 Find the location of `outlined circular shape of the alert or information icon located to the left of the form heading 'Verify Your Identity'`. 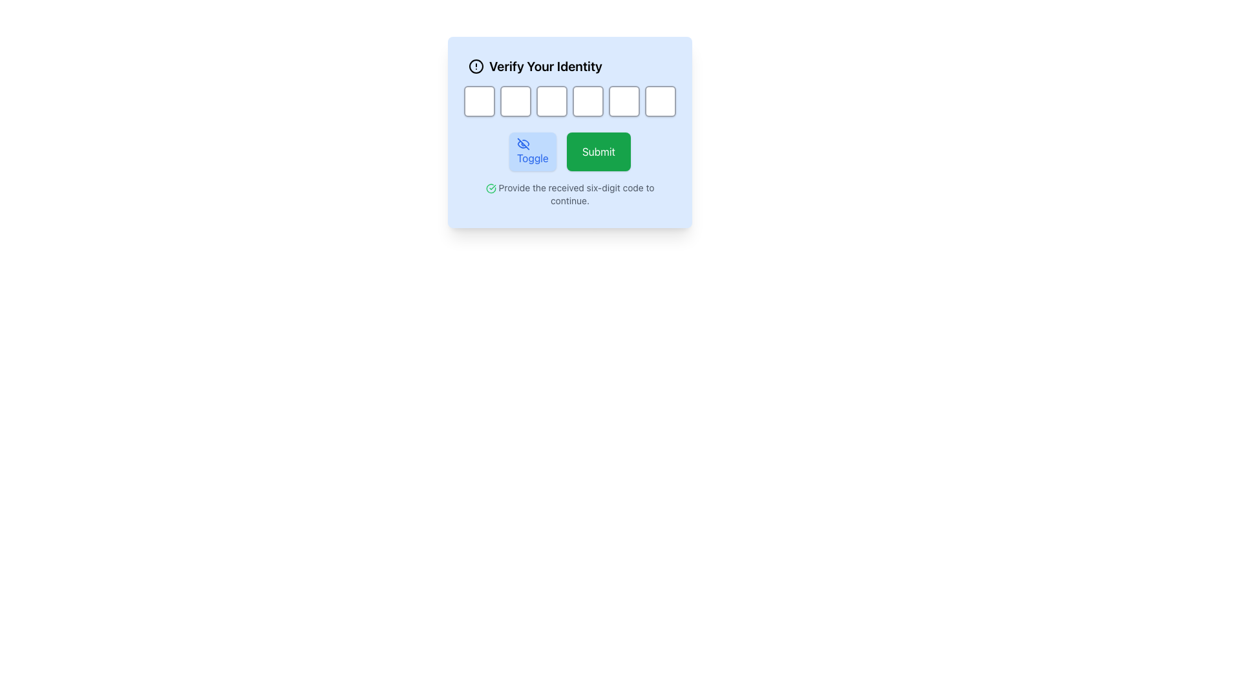

outlined circular shape of the alert or information icon located to the left of the form heading 'Verify Your Identity' is located at coordinates (476, 67).